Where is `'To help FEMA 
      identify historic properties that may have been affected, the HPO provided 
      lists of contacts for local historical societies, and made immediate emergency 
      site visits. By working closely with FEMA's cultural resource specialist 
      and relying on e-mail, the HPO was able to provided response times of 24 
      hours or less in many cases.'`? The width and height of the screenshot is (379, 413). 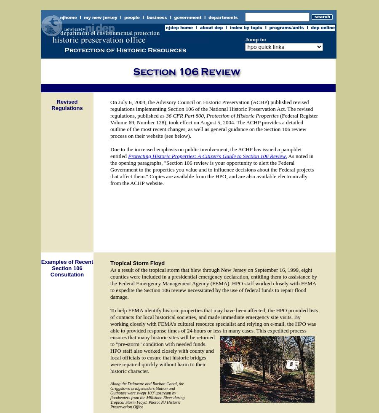
'To help FEMA 
      identify historic properties that may have been affected, the HPO provided 
      lists of contacts for local historical societies, and made immediate emergency 
      site visits. By working closely with FEMA's cultural resource specialist 
      and relying on e-mail, the HPO was able to provided response times of 24 
      hours or less in many cases.' is located at coordinates (214, 320).